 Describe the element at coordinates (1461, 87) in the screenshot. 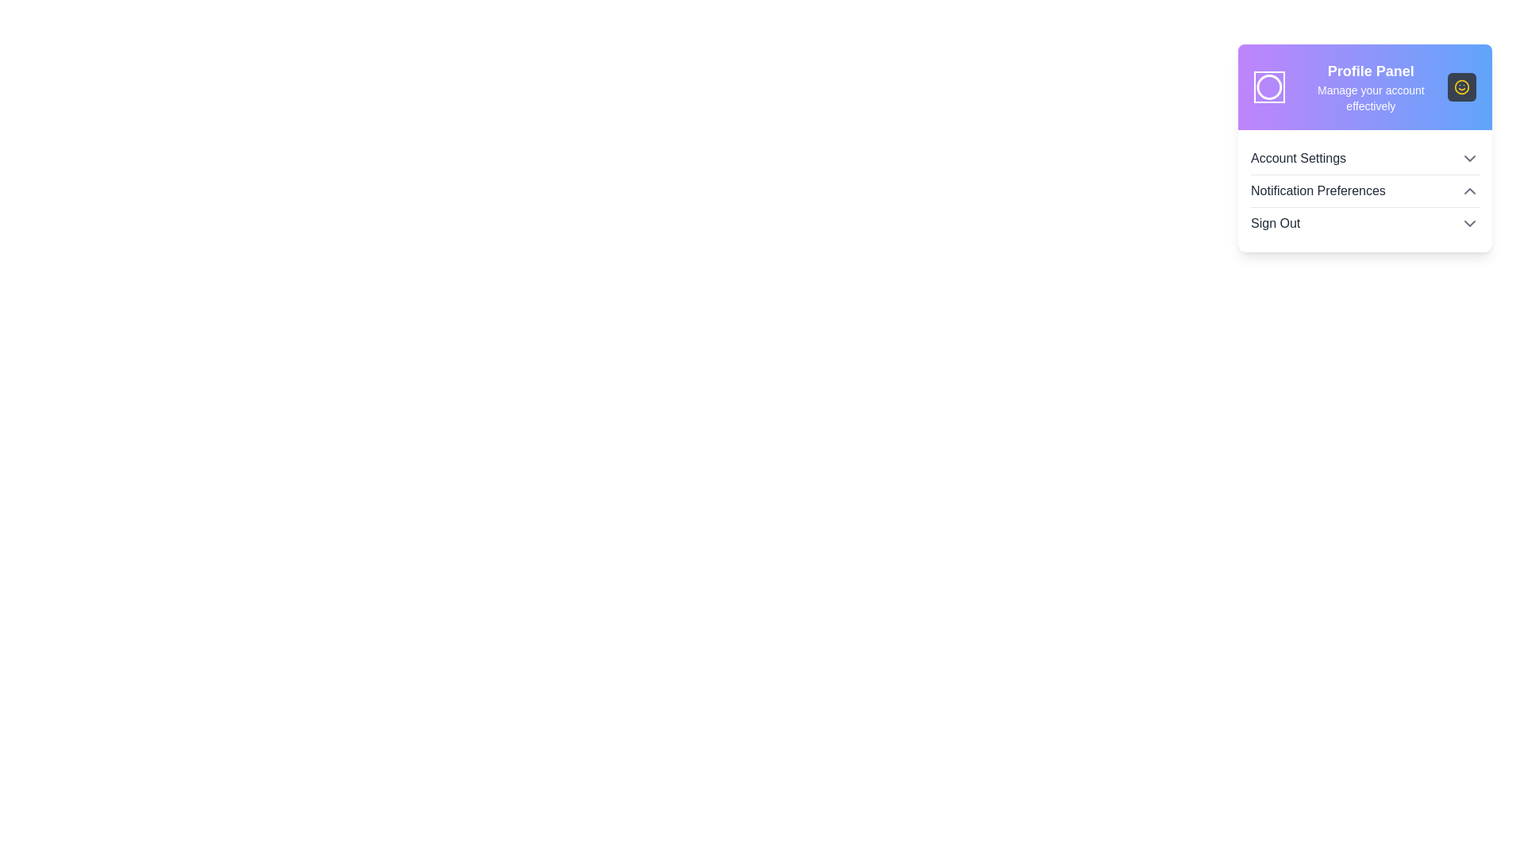

I see `the outermost circular component of the SVG icon group located to the right side of the panel header` at that location.